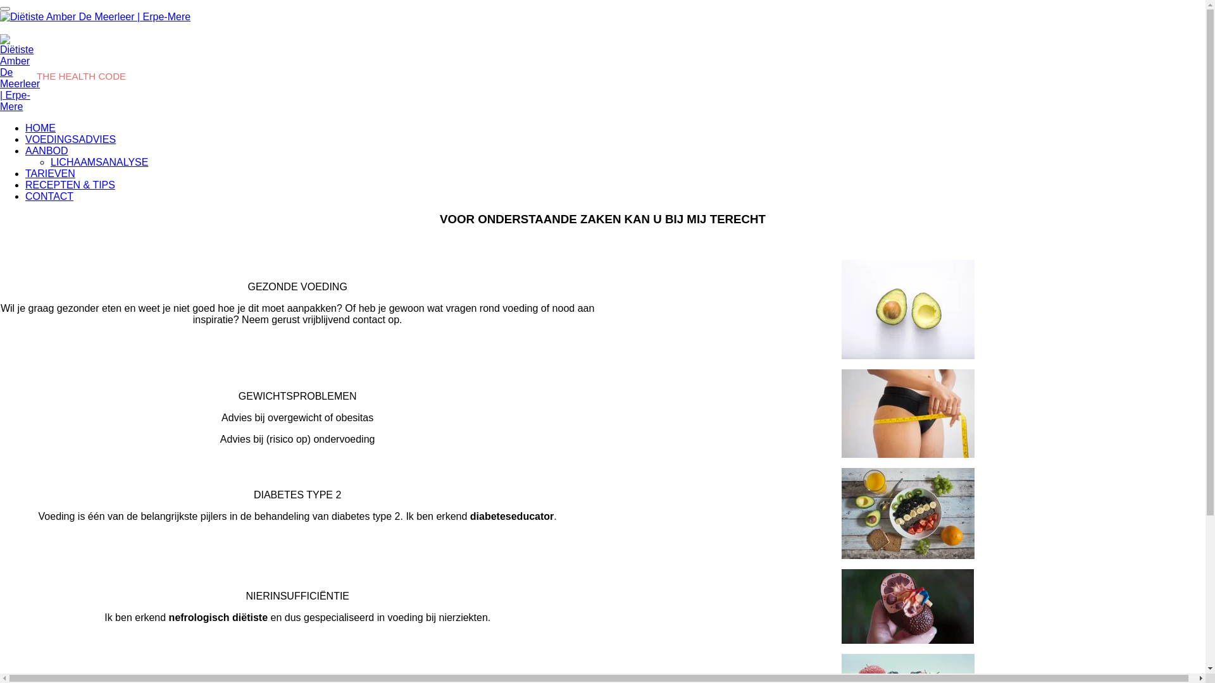  What do you see at coordinates (49, 196) in the screenshot?
I see `'CONTACT'` at bounding box center [49, 196].